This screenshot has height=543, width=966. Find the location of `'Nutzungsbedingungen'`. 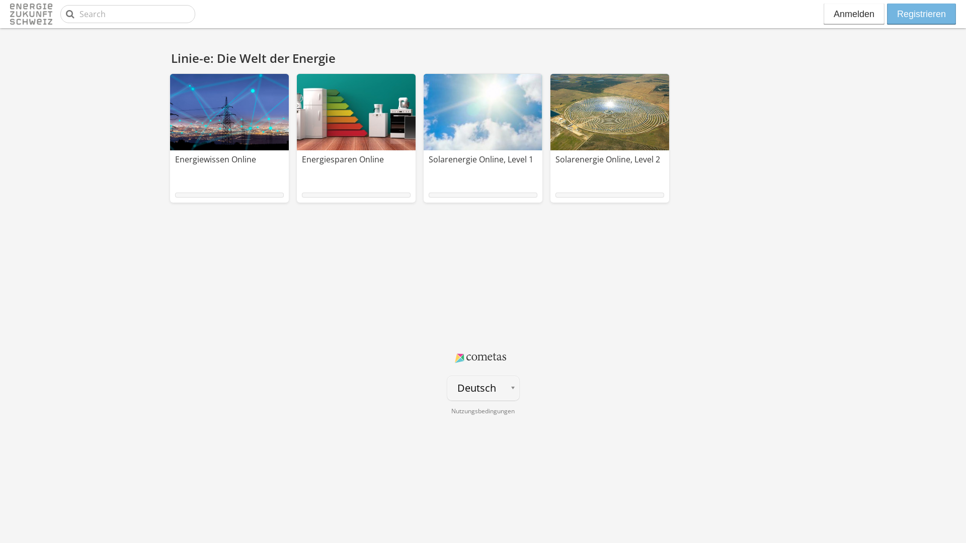

'Nutzungsbedingungen' is located at coordinates (483, 411).